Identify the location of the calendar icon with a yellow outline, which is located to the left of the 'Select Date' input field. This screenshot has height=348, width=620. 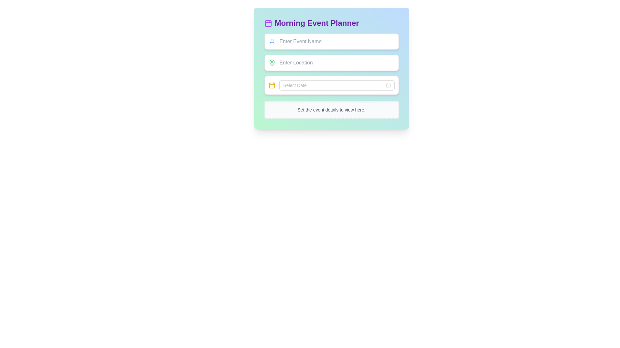
(272, 85).